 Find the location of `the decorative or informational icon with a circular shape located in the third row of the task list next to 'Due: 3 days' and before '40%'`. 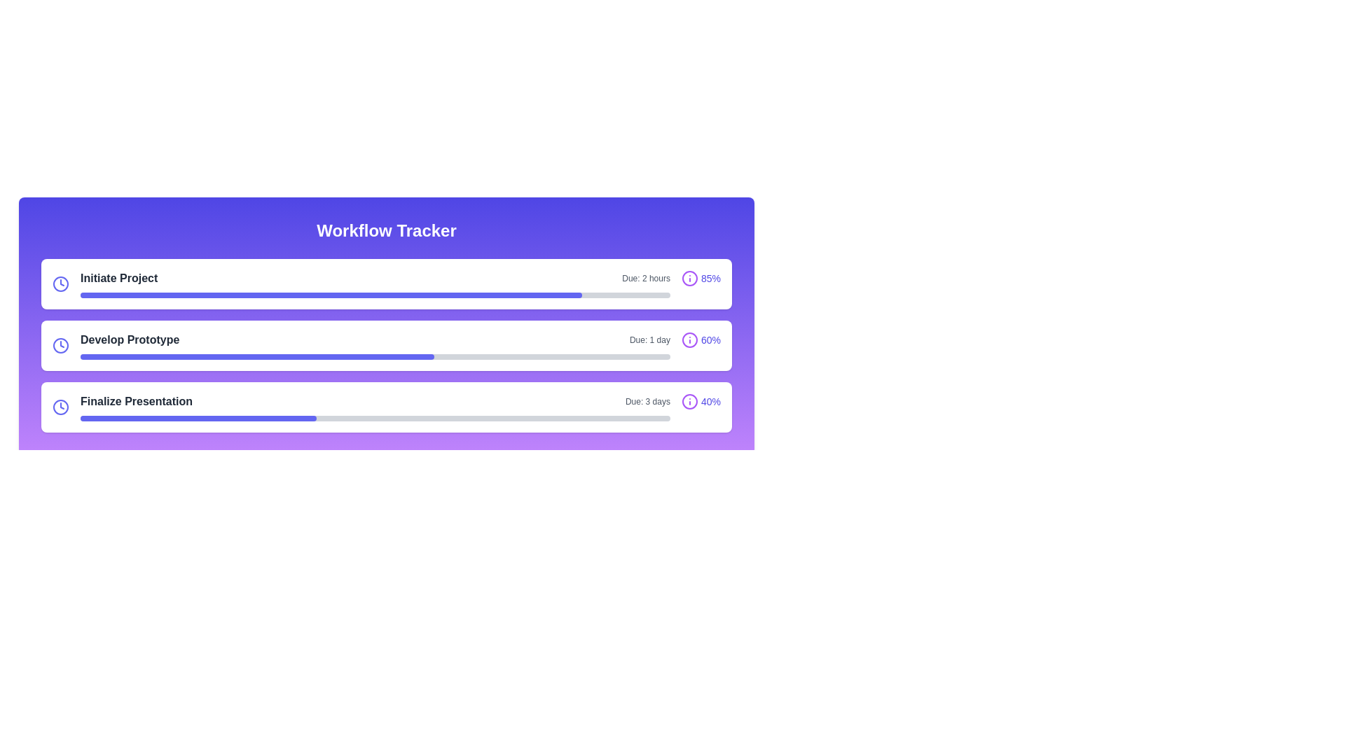

the decorative or informational icon with a circular shape located in the third row of the task list next to 'Due: 3 days' and before '40%' is located at coordinates (689, 402).